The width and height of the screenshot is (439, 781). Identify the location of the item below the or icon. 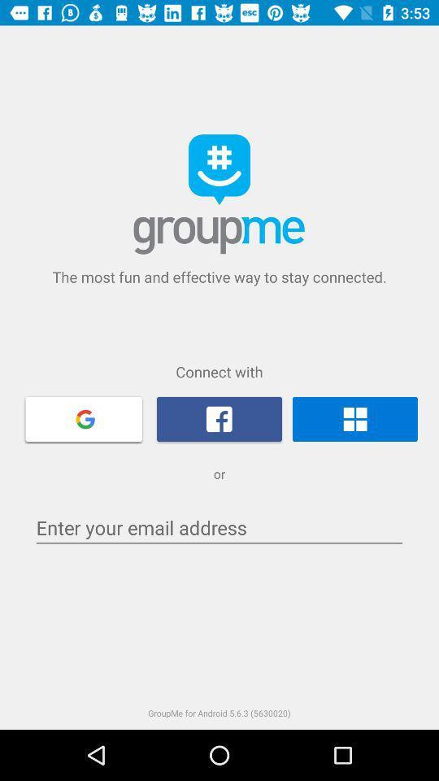
(219, 527).